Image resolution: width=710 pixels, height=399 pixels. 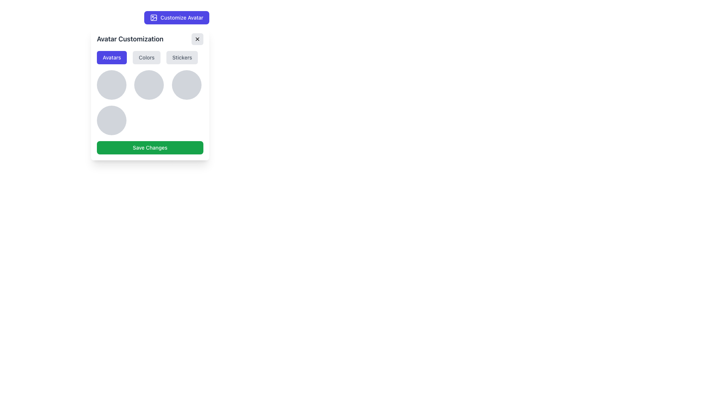 I want to click on the first circular option in the Avatar Customization section, so click(x=111, y=85).